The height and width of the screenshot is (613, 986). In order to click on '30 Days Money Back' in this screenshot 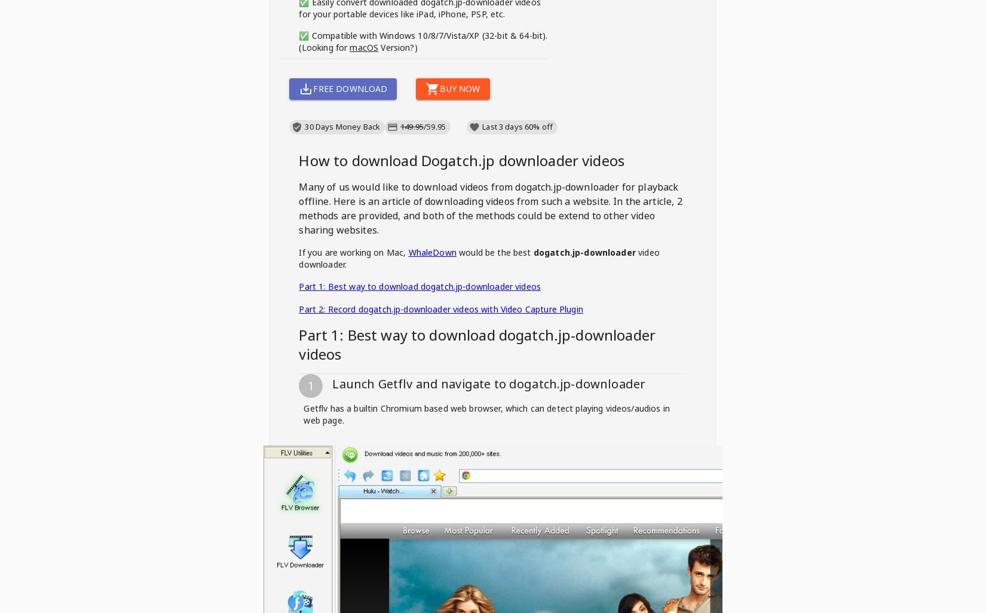, I will do `click(342, 126)`.